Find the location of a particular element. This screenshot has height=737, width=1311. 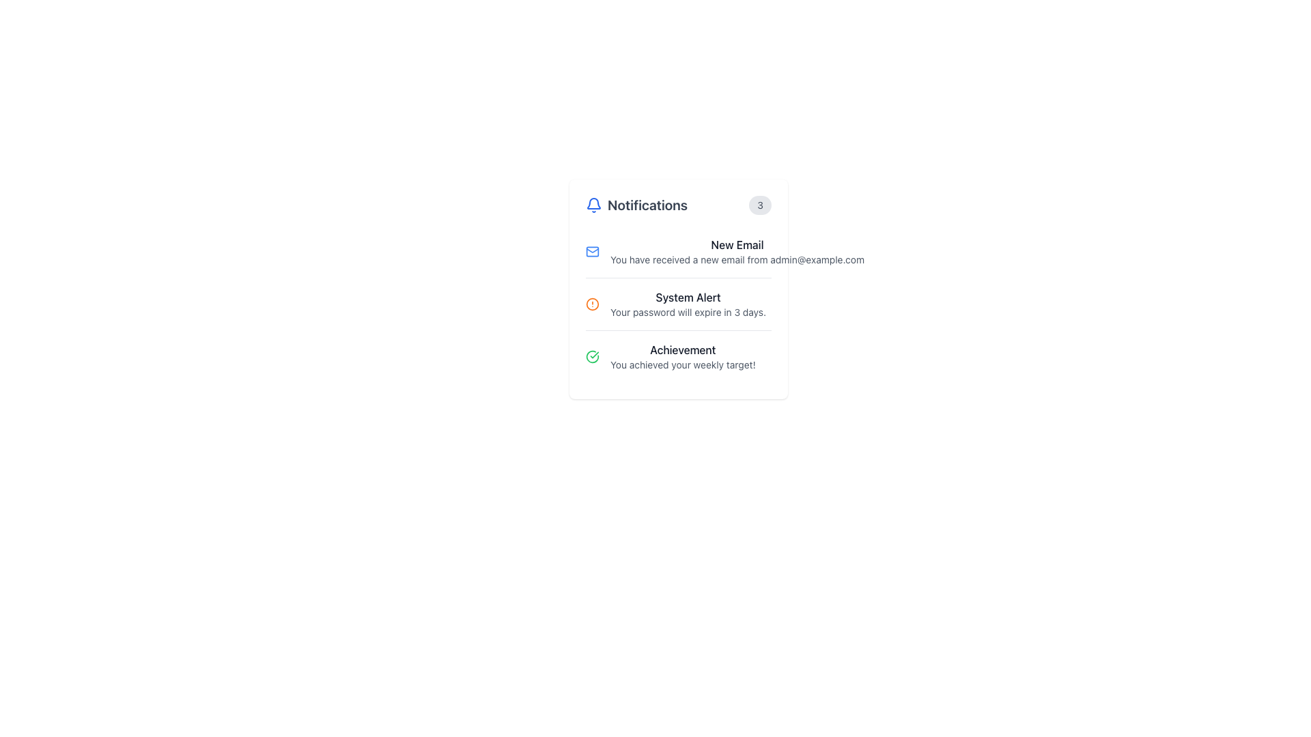

the email notification icon located to the left of the text header 'New Email' in the notification panel is located at coordinates (593, 252).